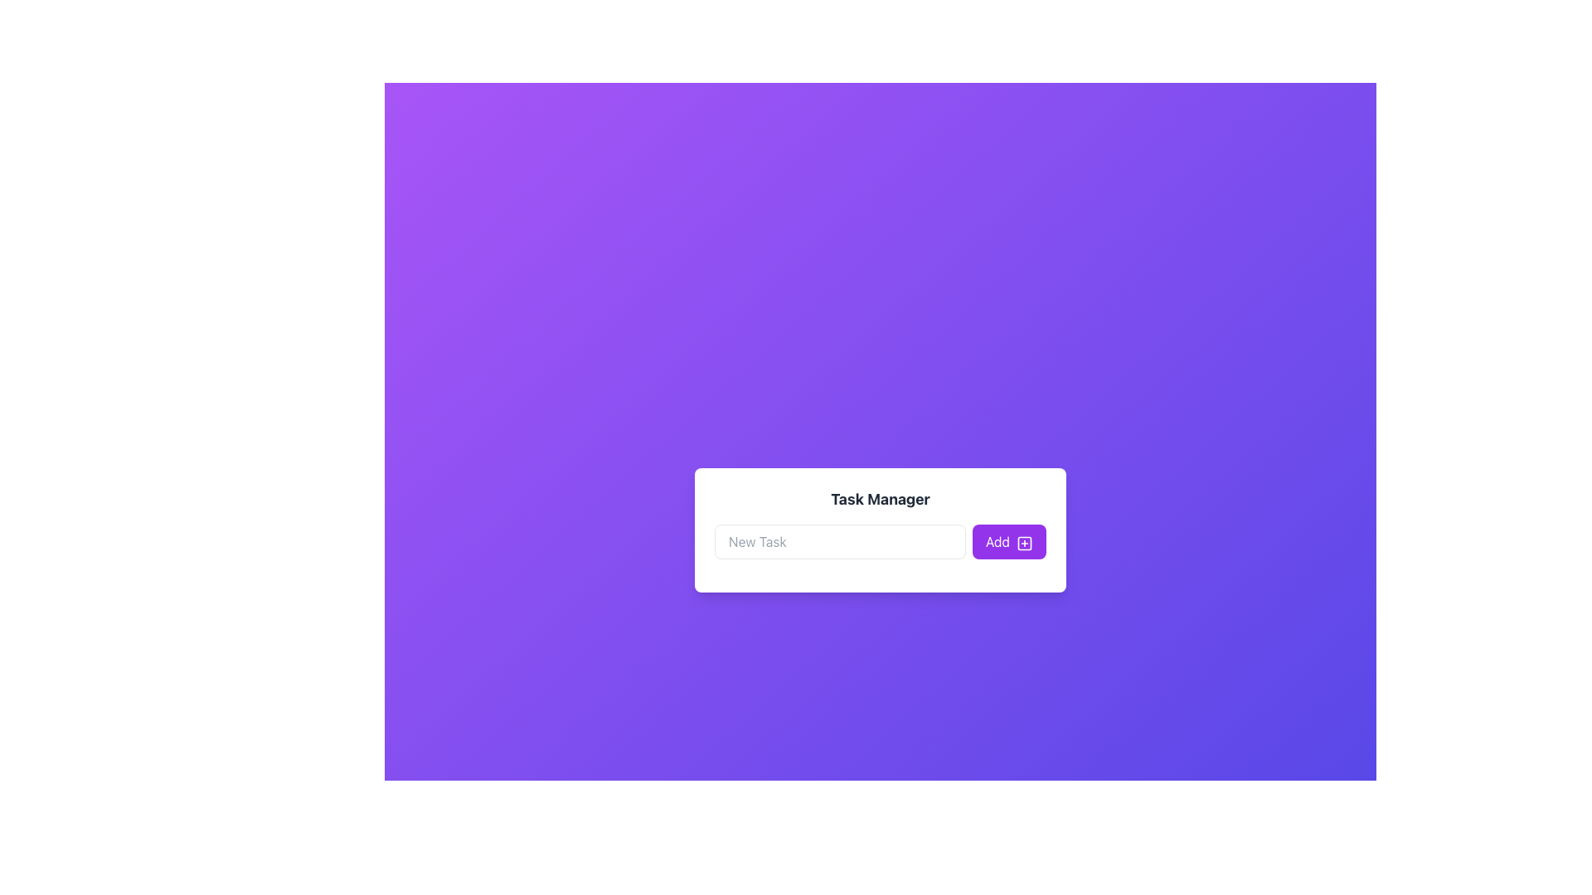 This screenshot has height=895, width=1592. Describe the element at coordinates (1024, 543) in the screenshot. I see `the small square with rounded corners located in the bottom right corner of the 'Add' button` at that location.